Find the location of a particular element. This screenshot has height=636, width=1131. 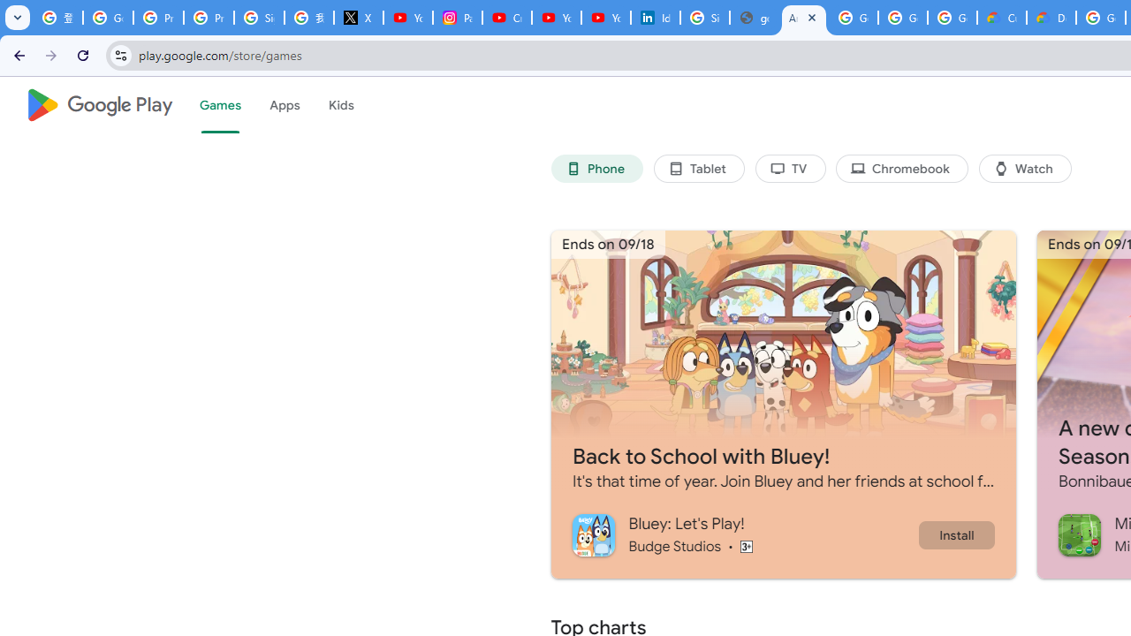

'Kids' is located at coordinates (340, 105).